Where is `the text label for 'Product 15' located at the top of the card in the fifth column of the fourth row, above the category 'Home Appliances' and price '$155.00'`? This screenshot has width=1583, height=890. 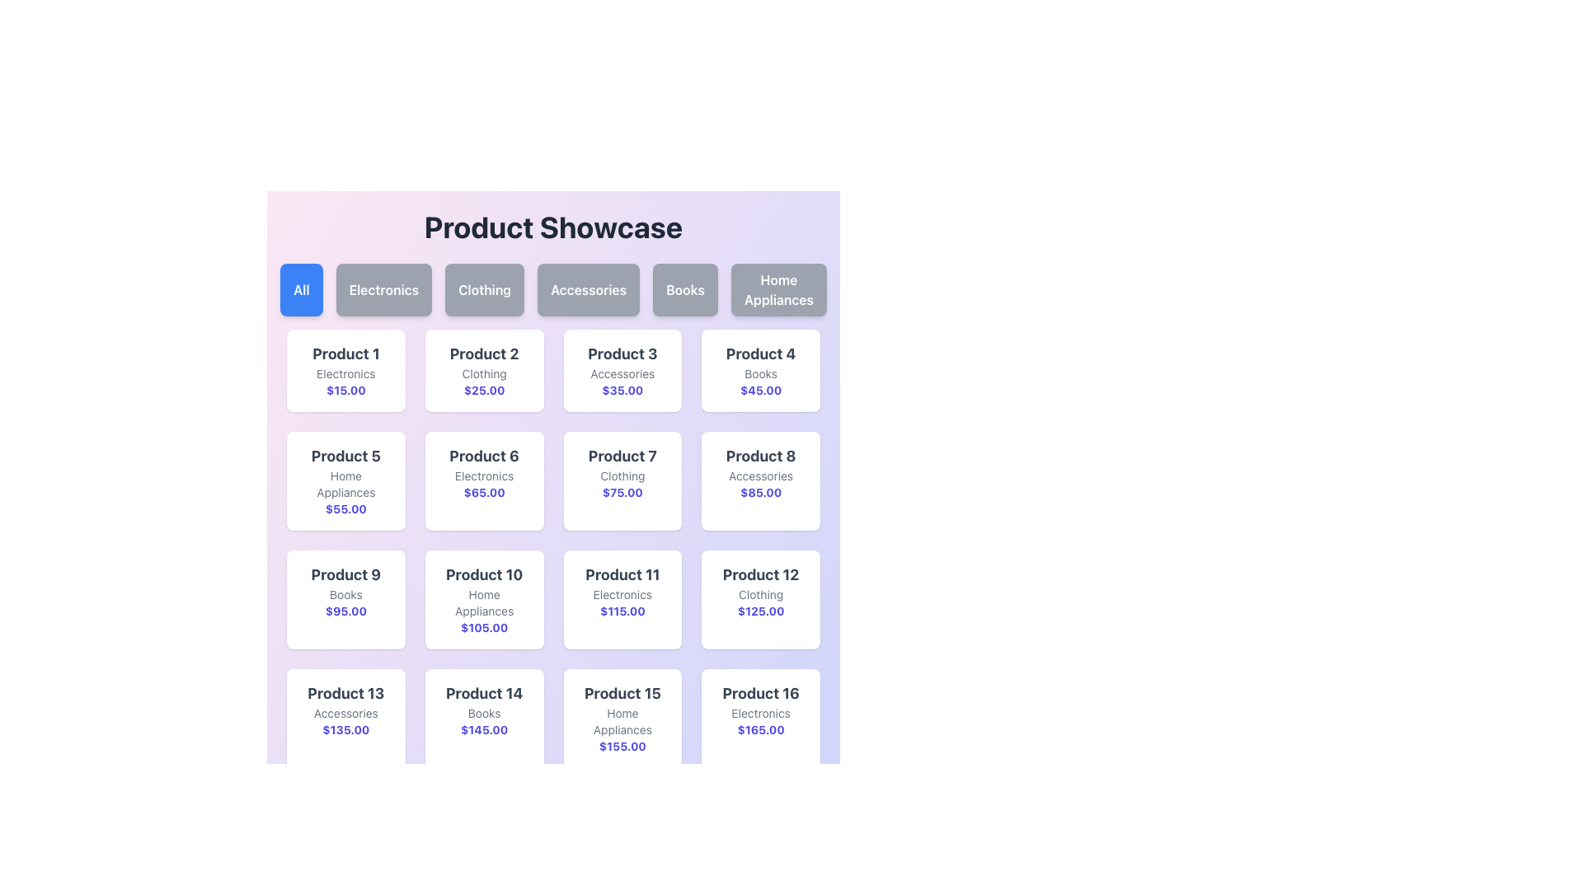 the text label for 'Product 15' located at the top of the card in the fifth column of the fourth row, above the category 'Home Appliances' and price '$155.00' is located at coordinates (622, 693).